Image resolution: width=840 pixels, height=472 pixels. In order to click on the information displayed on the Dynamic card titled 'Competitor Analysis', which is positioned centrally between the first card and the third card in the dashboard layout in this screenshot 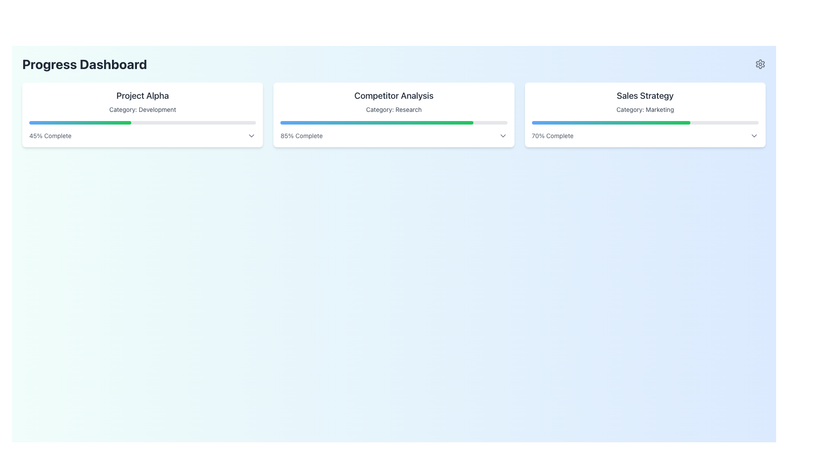, I will do `click(393, 114)`.